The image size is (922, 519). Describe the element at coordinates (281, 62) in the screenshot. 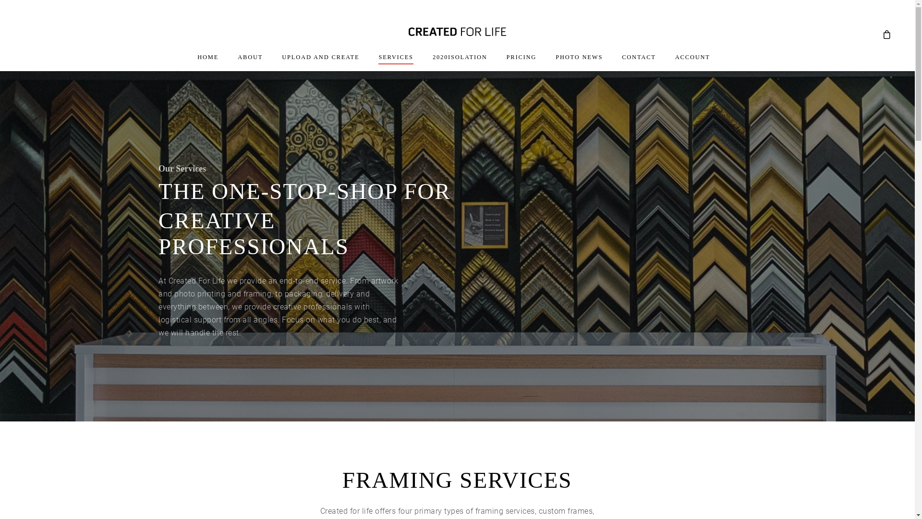

I see `'UPLOAD AND CREATE'` at that location.